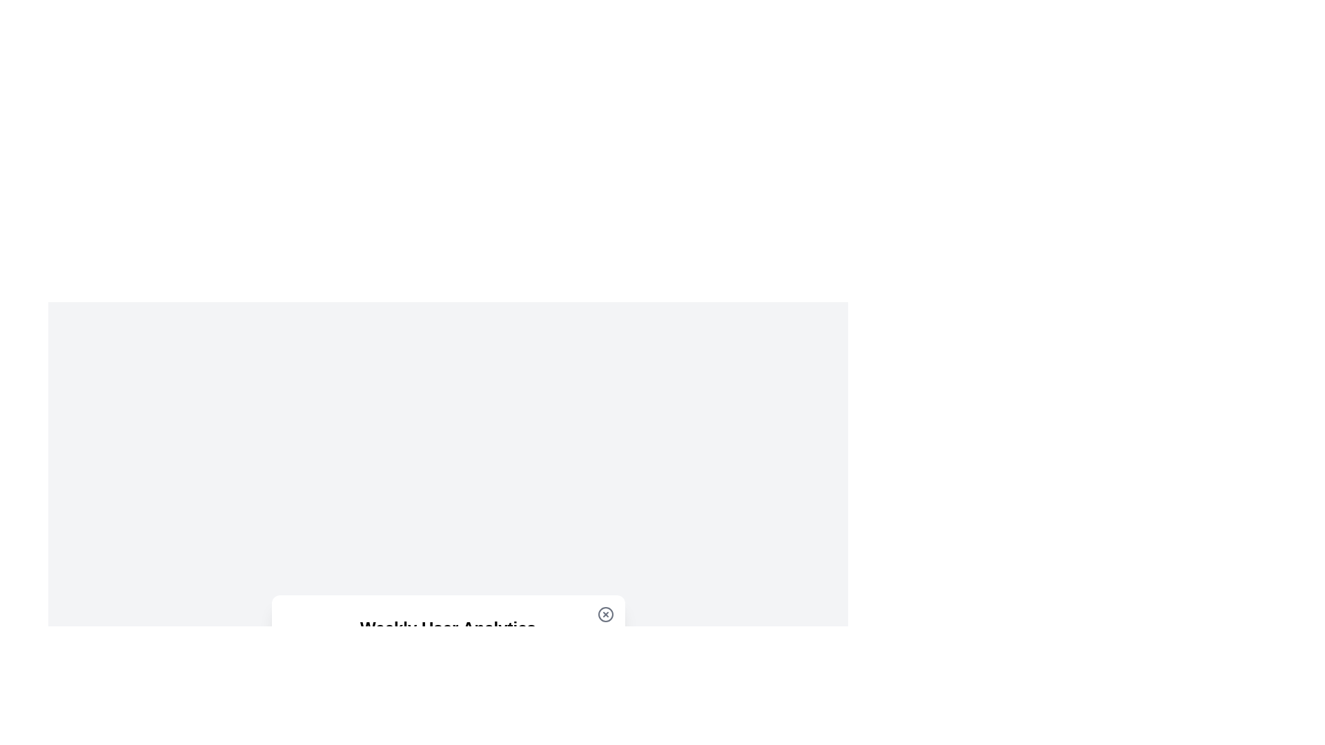 Image resolution: width=1325 pixels, height=745 pixels. What do you see at coordinates (605, 614) in the screenshot?
I see `the close button located at the top-right corner of the 'Weekly User Analytics' card to view contextual options` at bounding box center [605, 614].